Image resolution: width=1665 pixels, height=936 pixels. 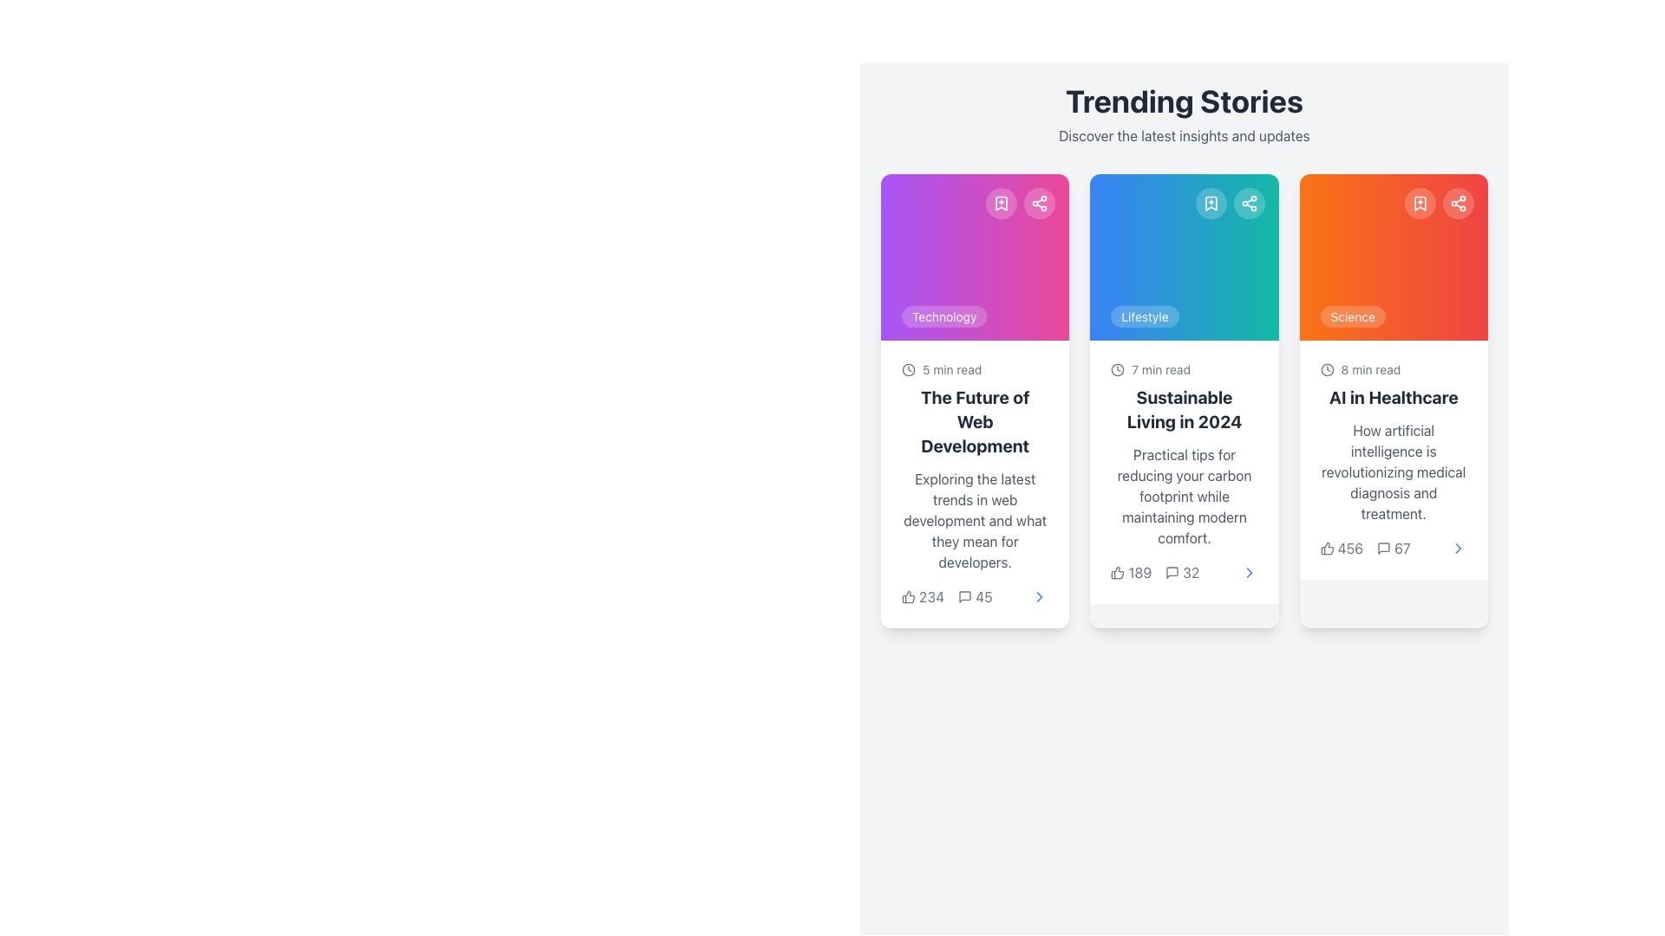 I want to click on the second button in the top-right corner of the 'Sustainable Living in 2024' card to initiate sharing, so click(x=1249, y=203).